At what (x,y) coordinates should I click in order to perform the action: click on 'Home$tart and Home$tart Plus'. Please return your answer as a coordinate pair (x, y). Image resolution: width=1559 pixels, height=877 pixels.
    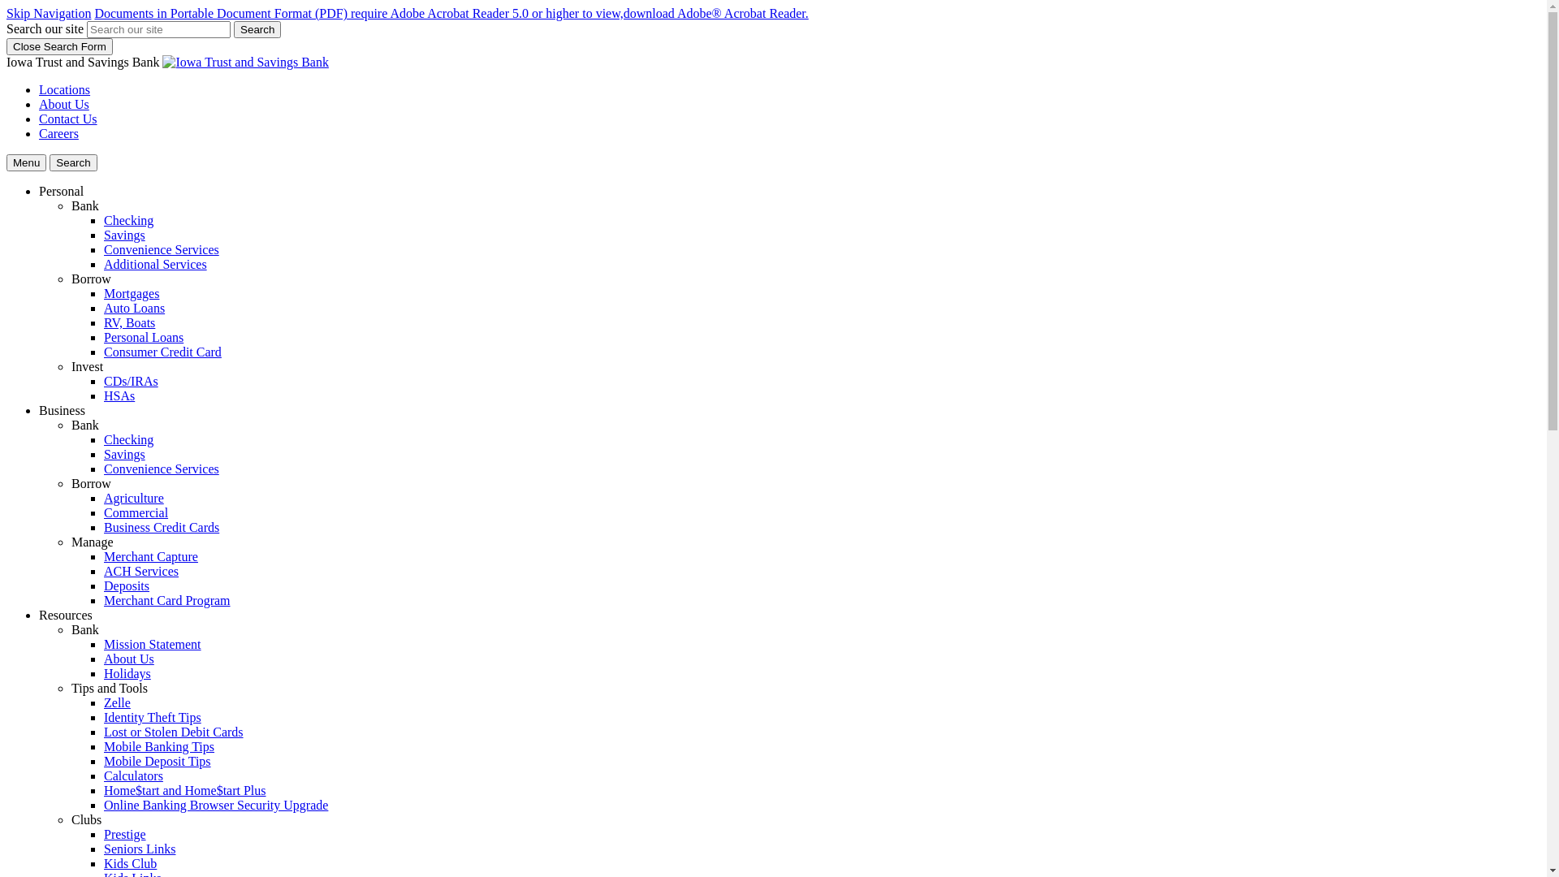
    Looking at the image, I should click on (184, 789).